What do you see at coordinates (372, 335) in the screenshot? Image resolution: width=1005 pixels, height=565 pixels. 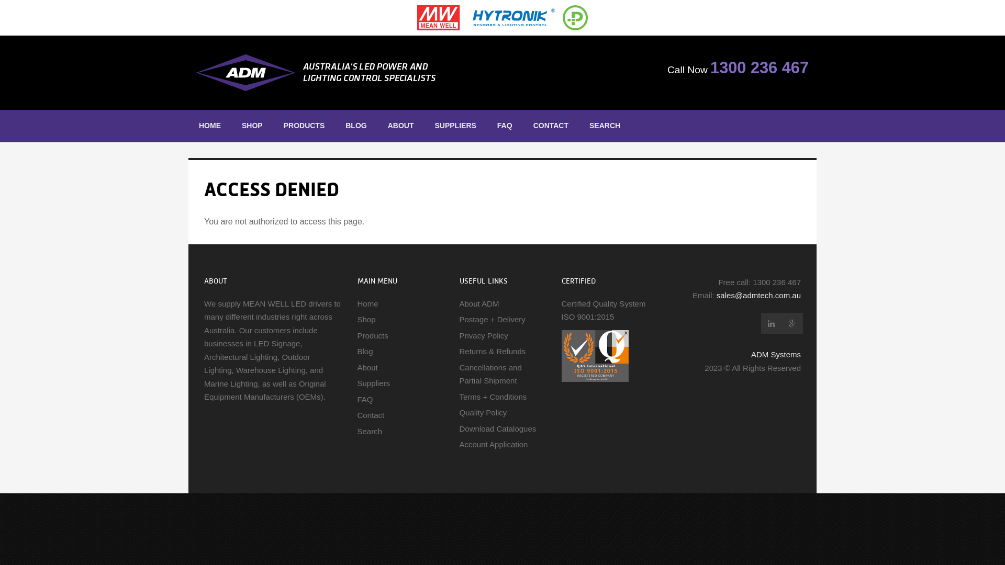 I see `'Products'` at bounding box center [372, 335].